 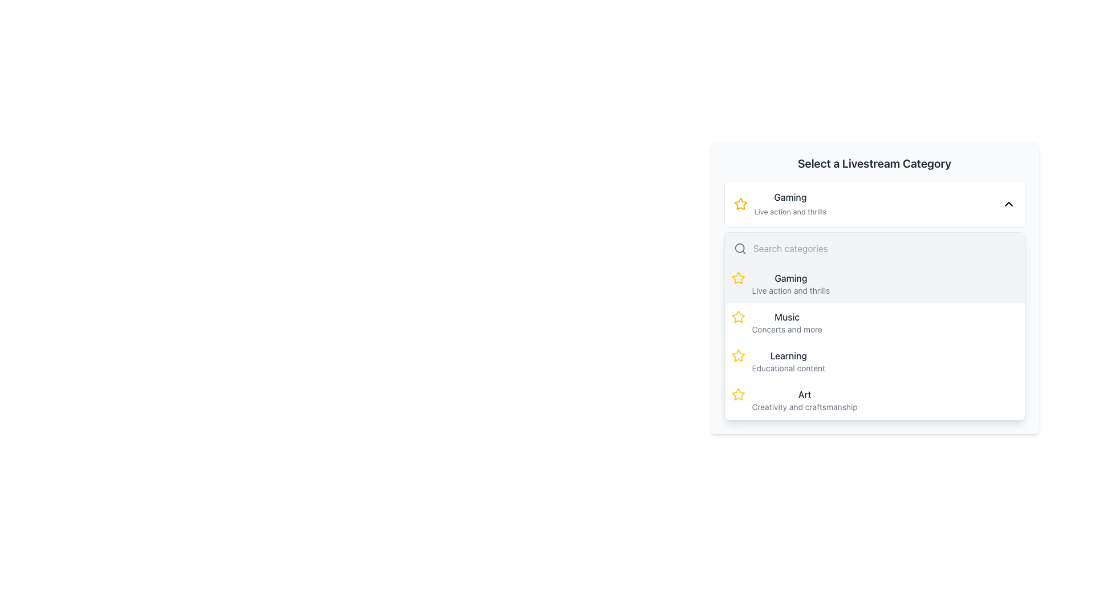 I want to click on the Text Label that serves as a descriptive header for selecting a livestream category, located at the top-center of its card layout, so click(x=874, y=163).